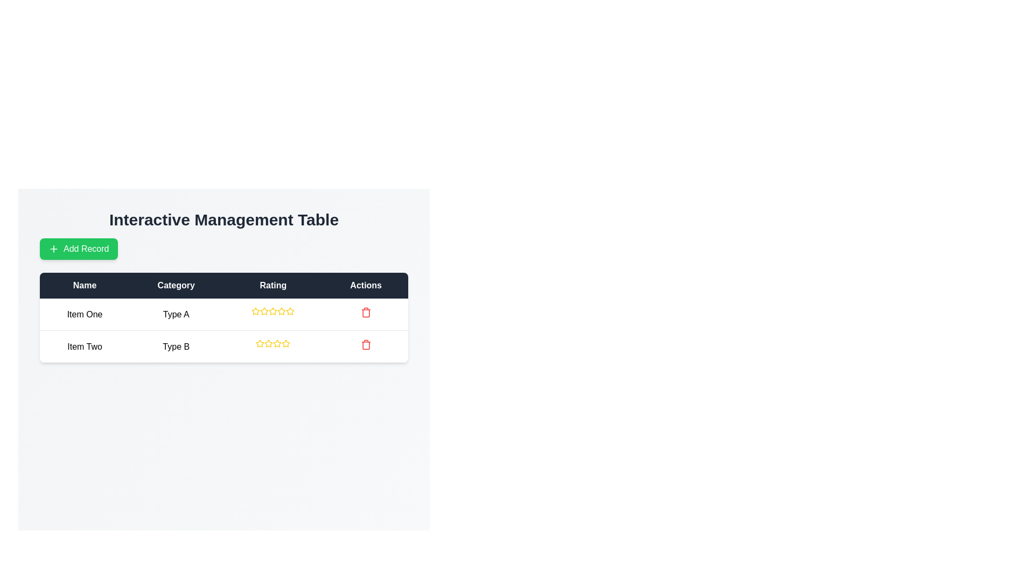 Image resolution: width=1034 pixels, height=581 pixels. I want to click on the first star icon representing the rating for 'Item One' in the management table, so click(264, 311).